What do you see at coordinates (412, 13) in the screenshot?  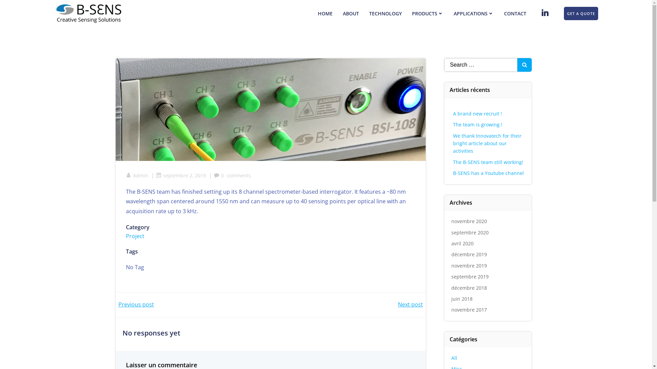 I see `'PRODUCTS'` at bounding box center [412, 13].